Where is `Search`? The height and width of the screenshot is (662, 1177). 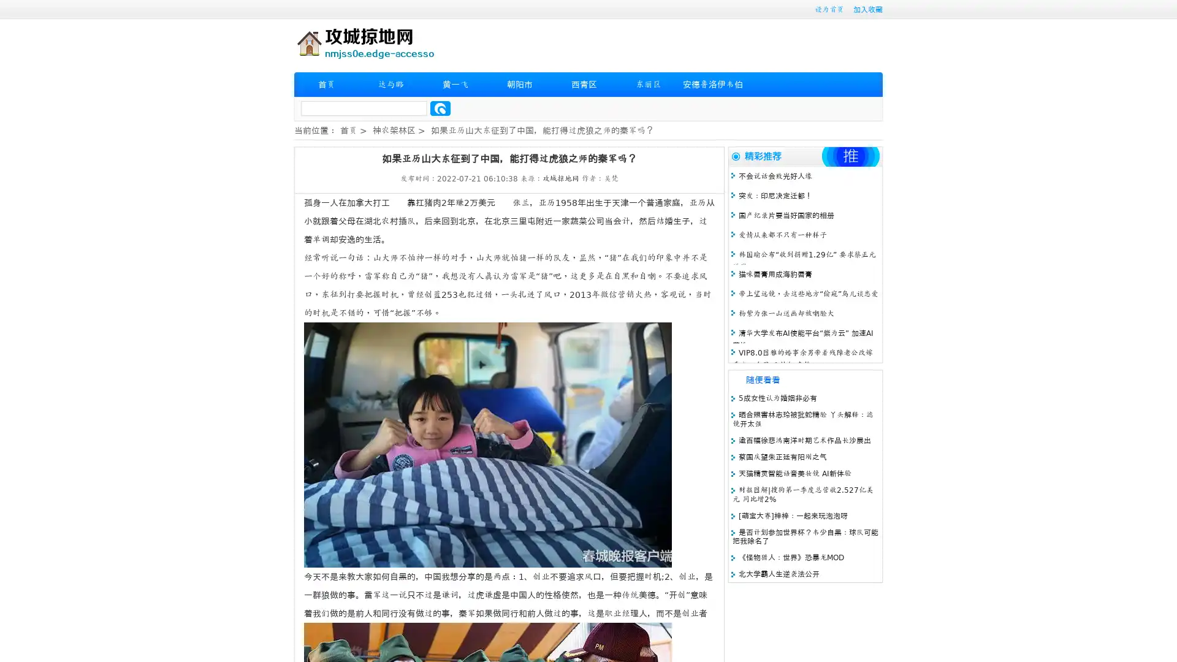
Search is located at coordinates (440, 108).